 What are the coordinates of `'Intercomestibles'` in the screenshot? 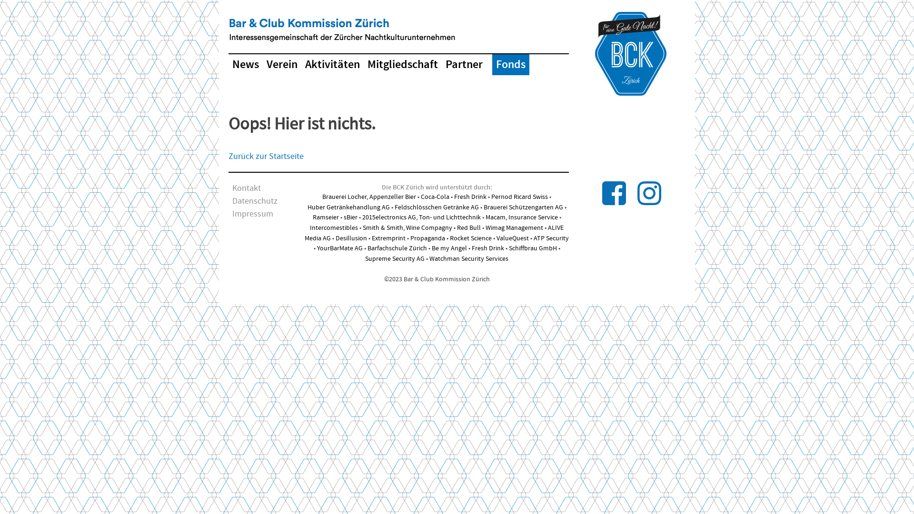 It's located at (334, 227).